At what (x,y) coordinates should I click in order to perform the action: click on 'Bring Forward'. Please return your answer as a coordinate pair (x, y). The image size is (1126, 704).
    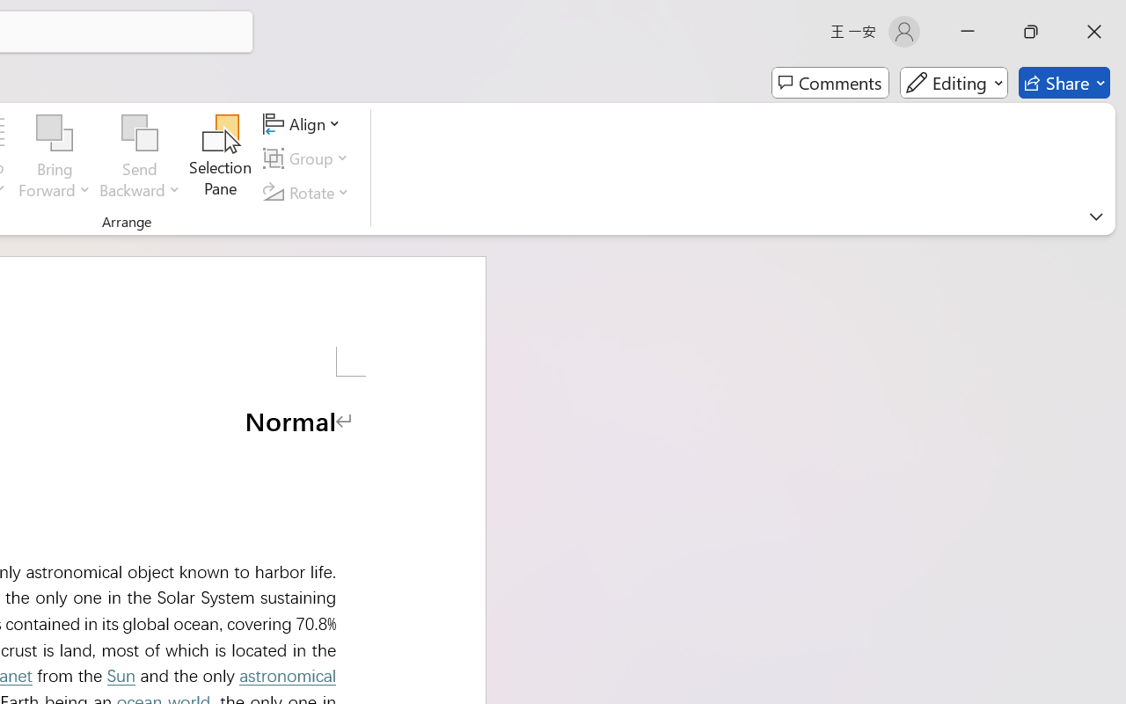
    Looking at the image, I should click on (55, 133).